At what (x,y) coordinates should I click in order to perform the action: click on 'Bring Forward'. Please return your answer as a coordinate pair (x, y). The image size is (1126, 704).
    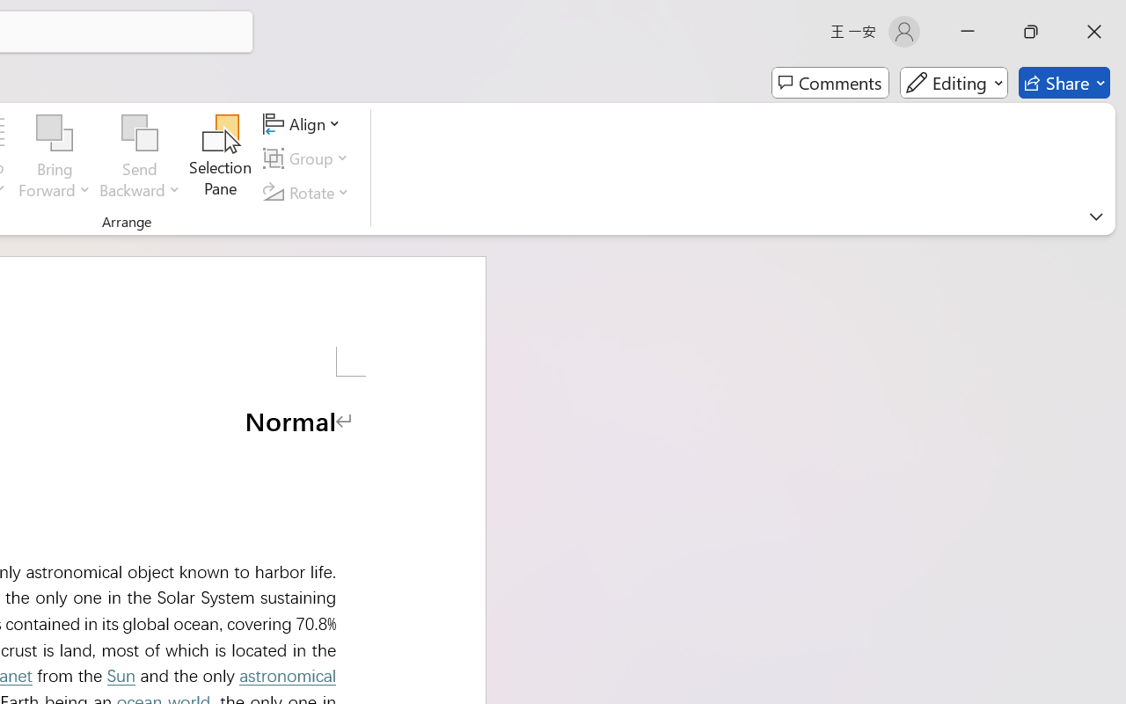
    Looking at the image, I should click on (55, 133).